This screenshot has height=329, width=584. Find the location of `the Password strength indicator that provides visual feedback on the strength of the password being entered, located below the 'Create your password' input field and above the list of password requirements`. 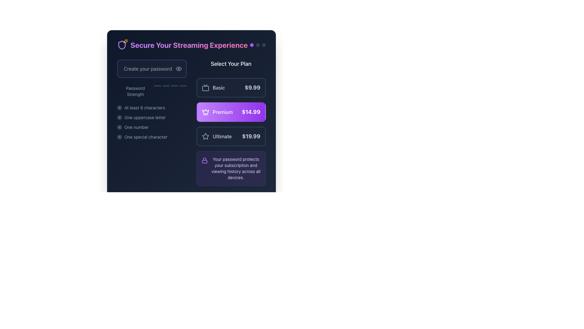

the Password strength indicator that provides visual feedback on the strength of the password being entered, located below the 'Create your password' input field and above the list of password requirements is located at coordinates (152, 91).